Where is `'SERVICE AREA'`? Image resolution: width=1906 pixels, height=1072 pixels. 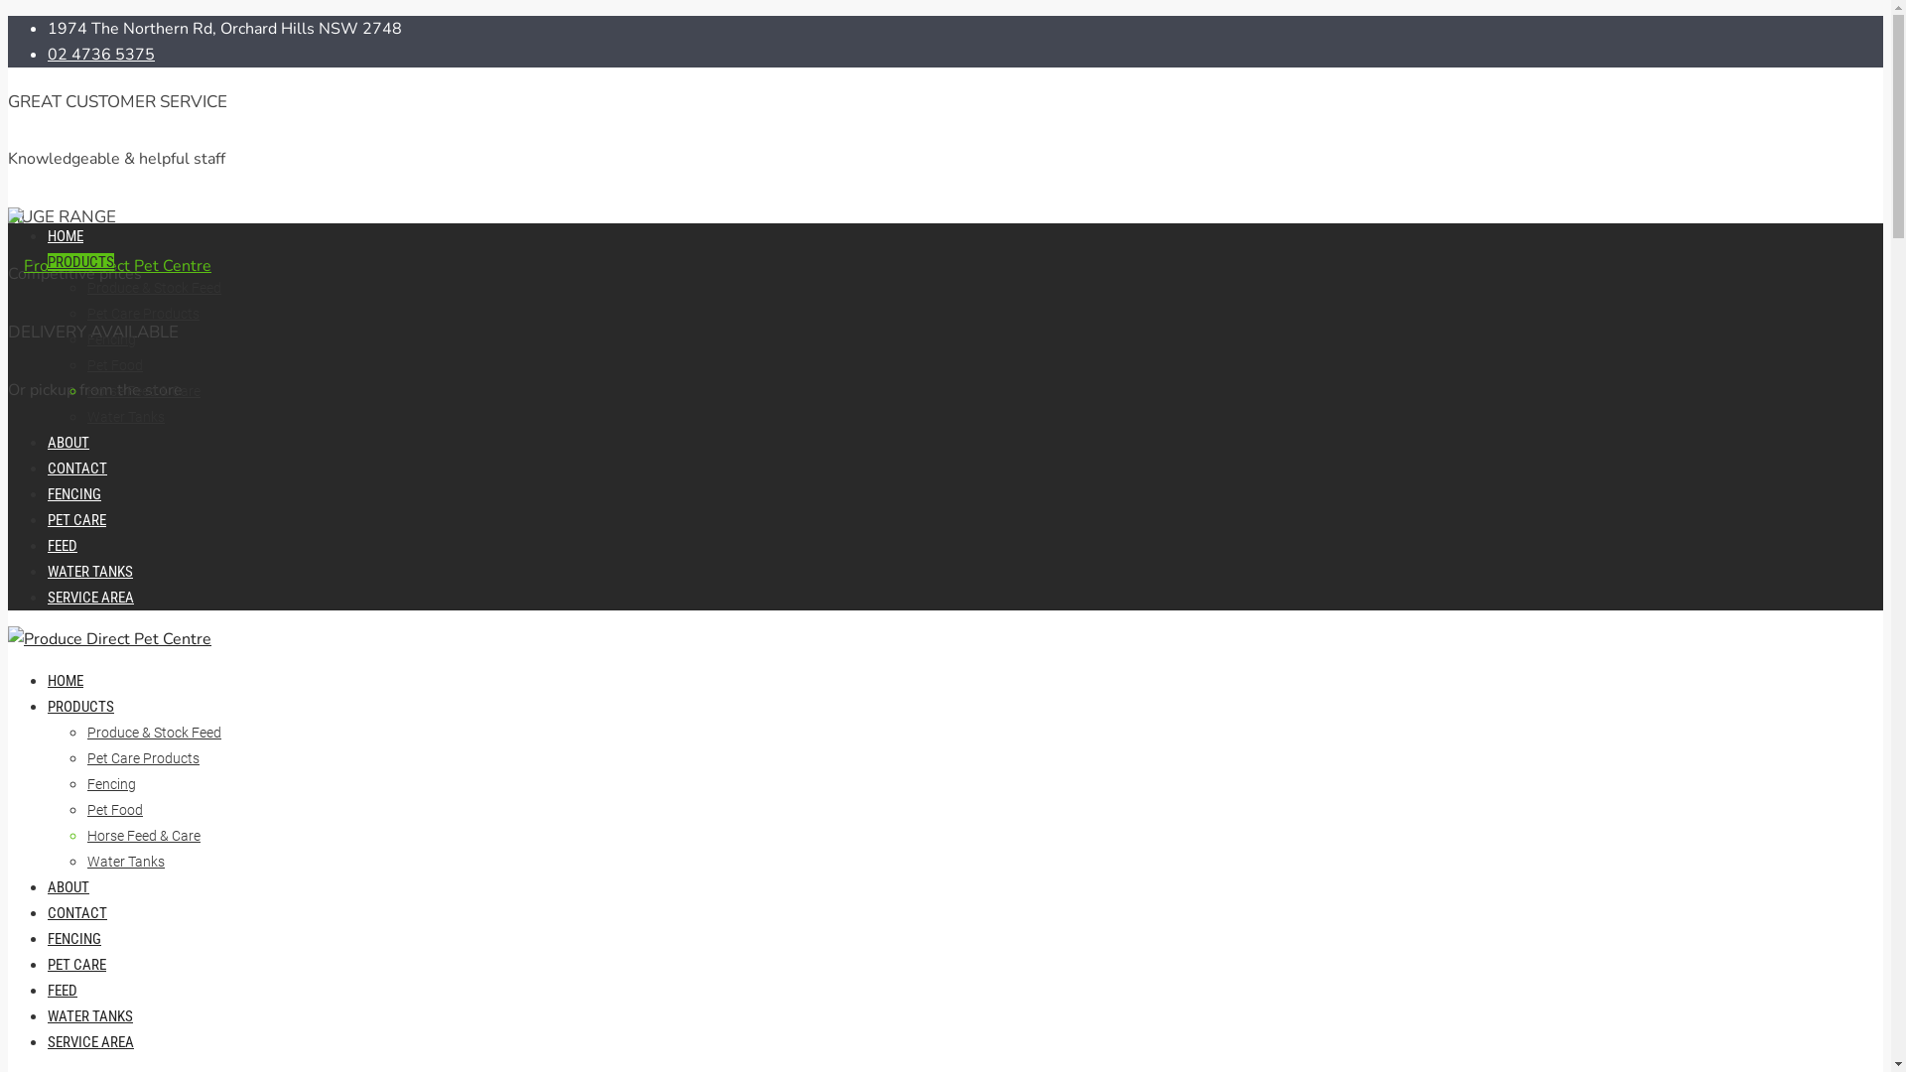
'SERVICE AREA' is located at coordinates (89, 1040).